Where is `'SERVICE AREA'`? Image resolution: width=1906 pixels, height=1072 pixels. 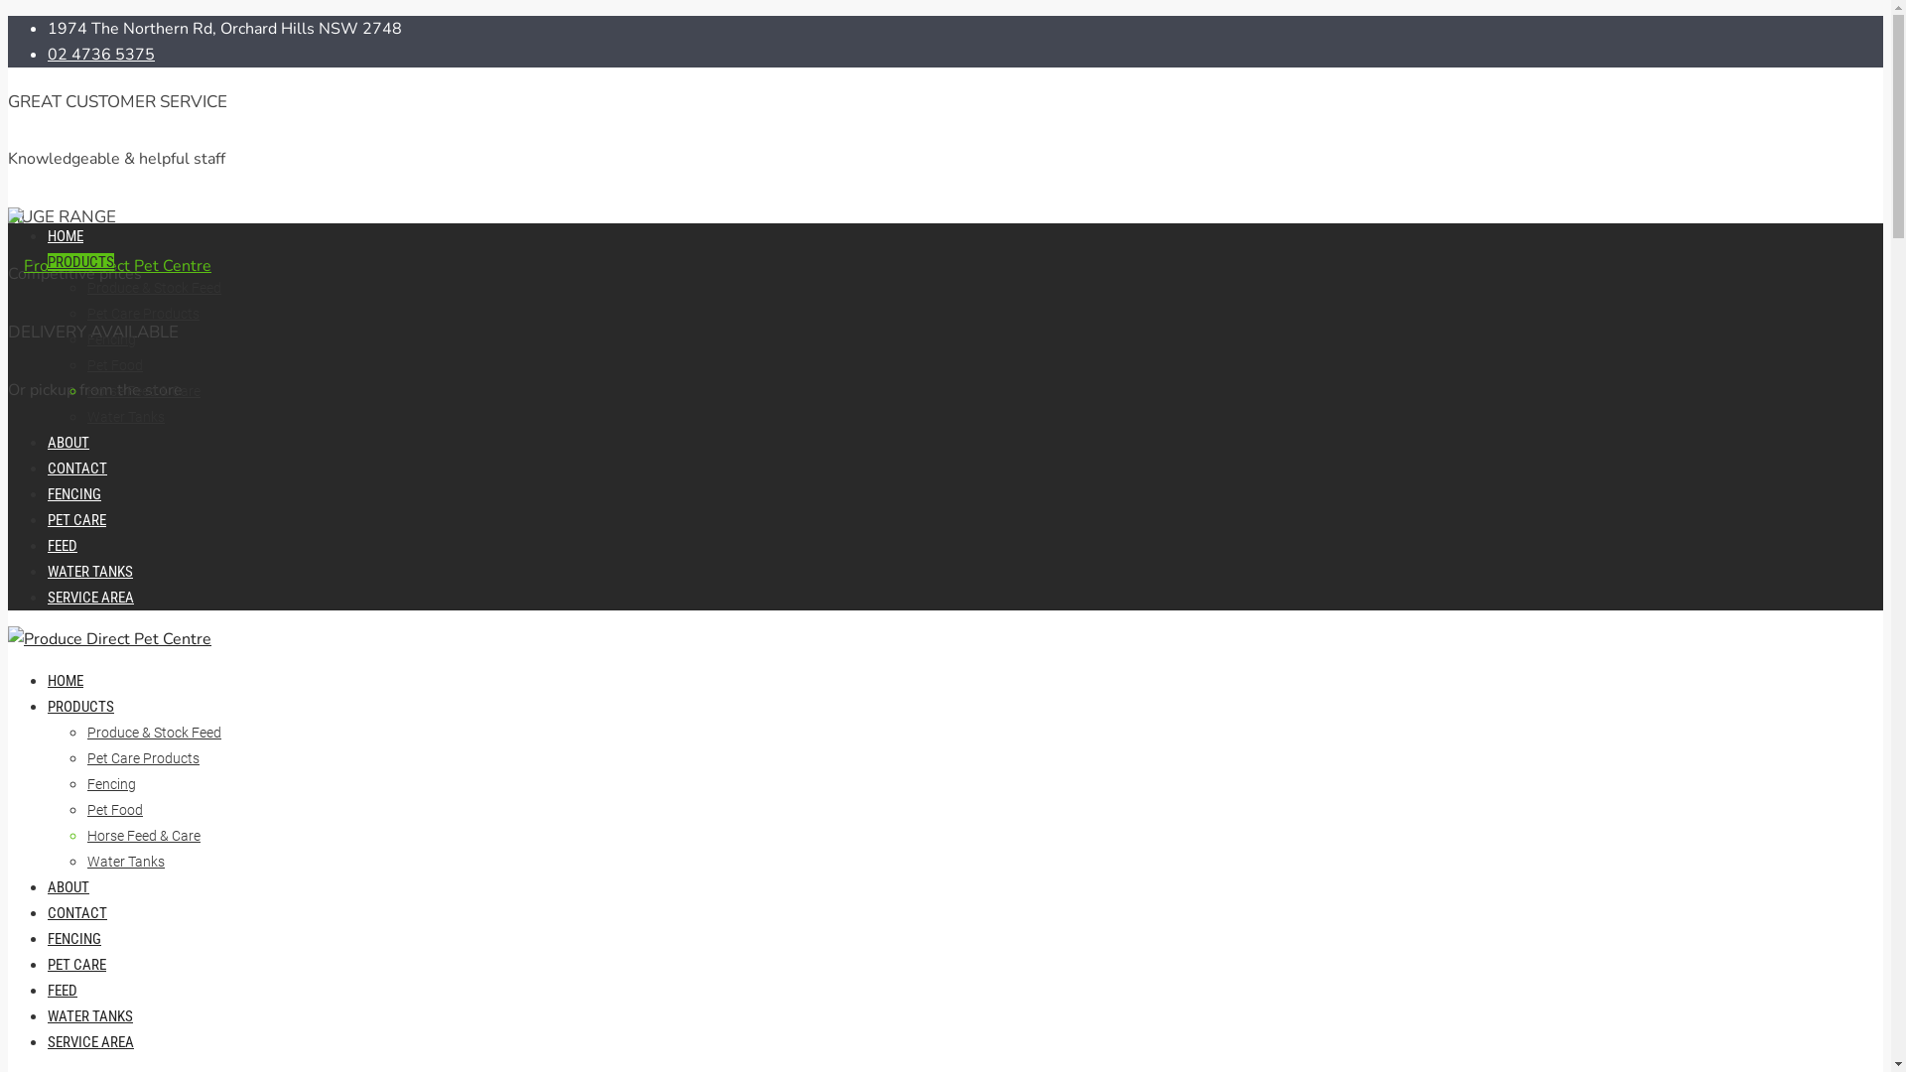
'SERVICE AREA' is located at coordinates (89, 1040).